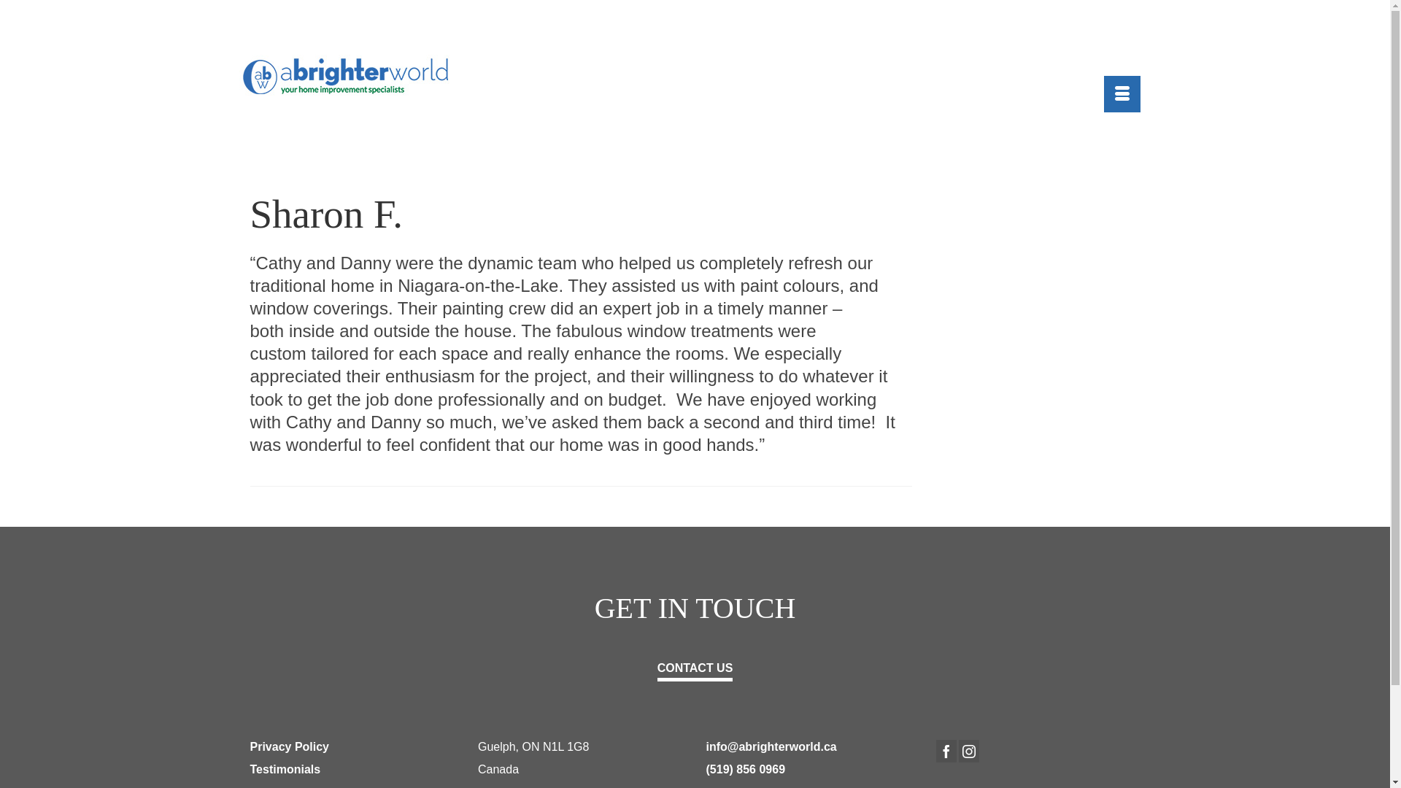  I want to click on 'Menu', so click(1120, 93).